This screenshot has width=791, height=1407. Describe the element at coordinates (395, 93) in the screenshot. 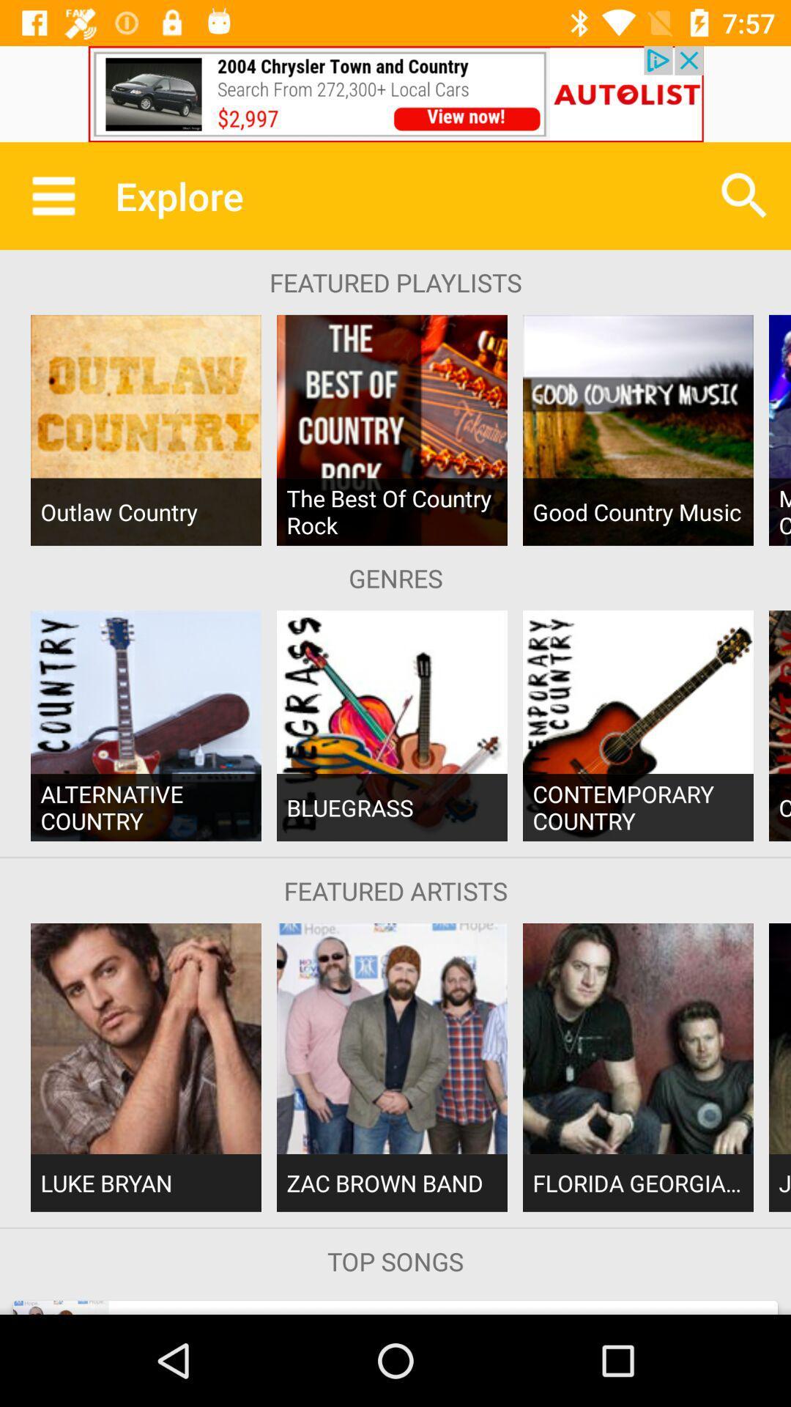

I see `advertisement adding button` at that location.